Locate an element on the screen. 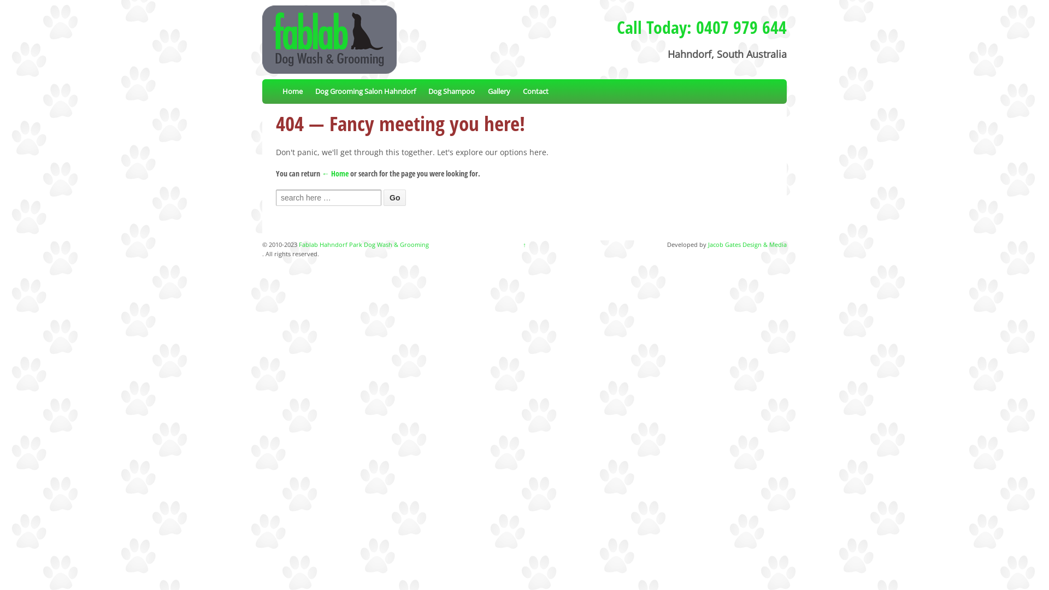 Image resolution: width=1049 pixels, height=590 pixels. 'Contact' is located at coordinates (535, 91).